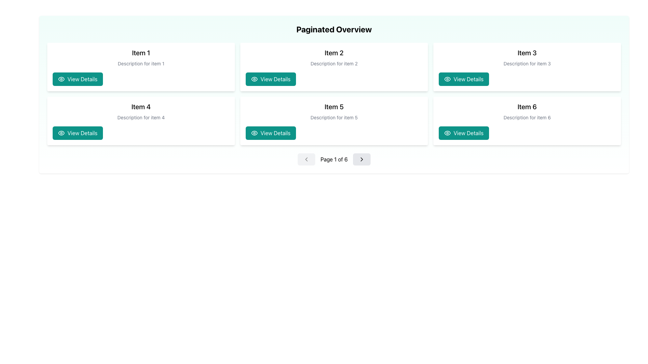 Image resolution: width=648 pixels, height=364 pixels. Describe the element at coordinates (334, 106) in the screenshot. I see `the main title text label identifying it as 'Item 5', located in the center of the second row of a 2x3 grid layout` at that location.